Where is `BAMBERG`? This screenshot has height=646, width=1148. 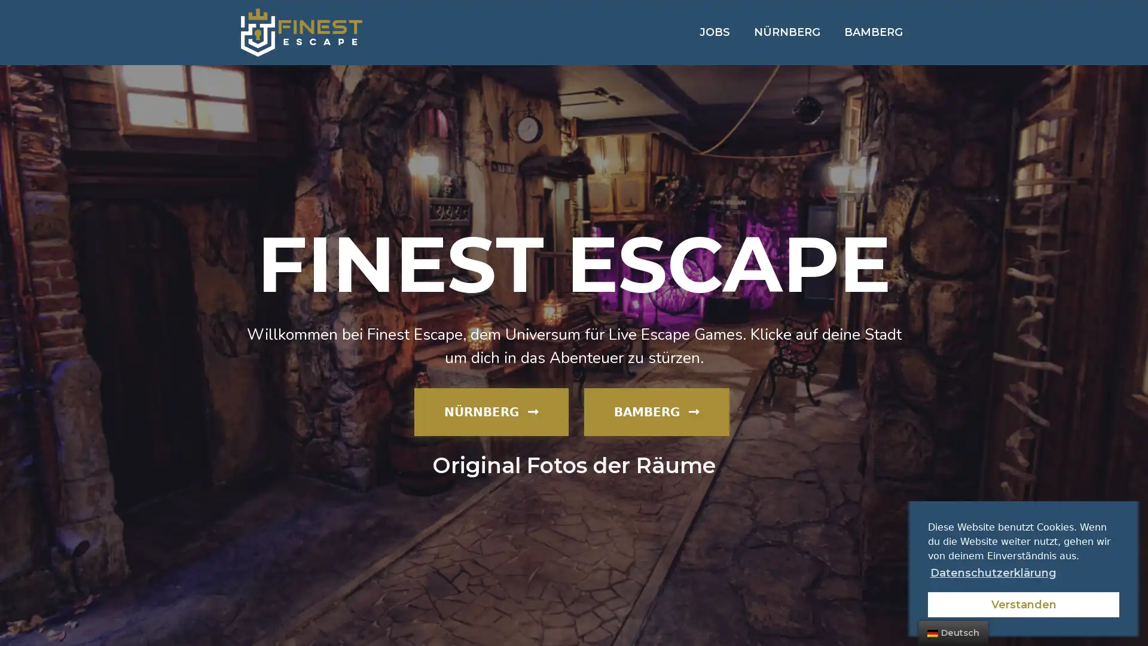
BAMBERG is located at coordinates (656, 410).